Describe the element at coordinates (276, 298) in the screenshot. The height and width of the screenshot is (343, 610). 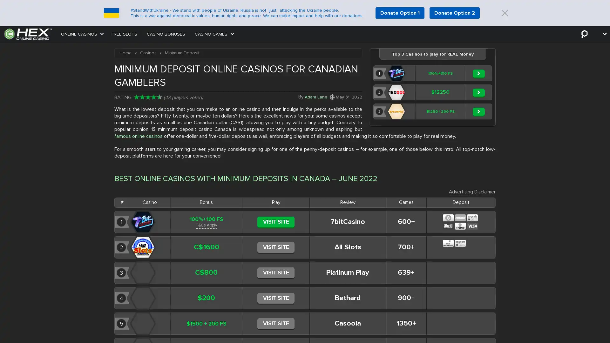
I see `VISIT SITE` at that location.